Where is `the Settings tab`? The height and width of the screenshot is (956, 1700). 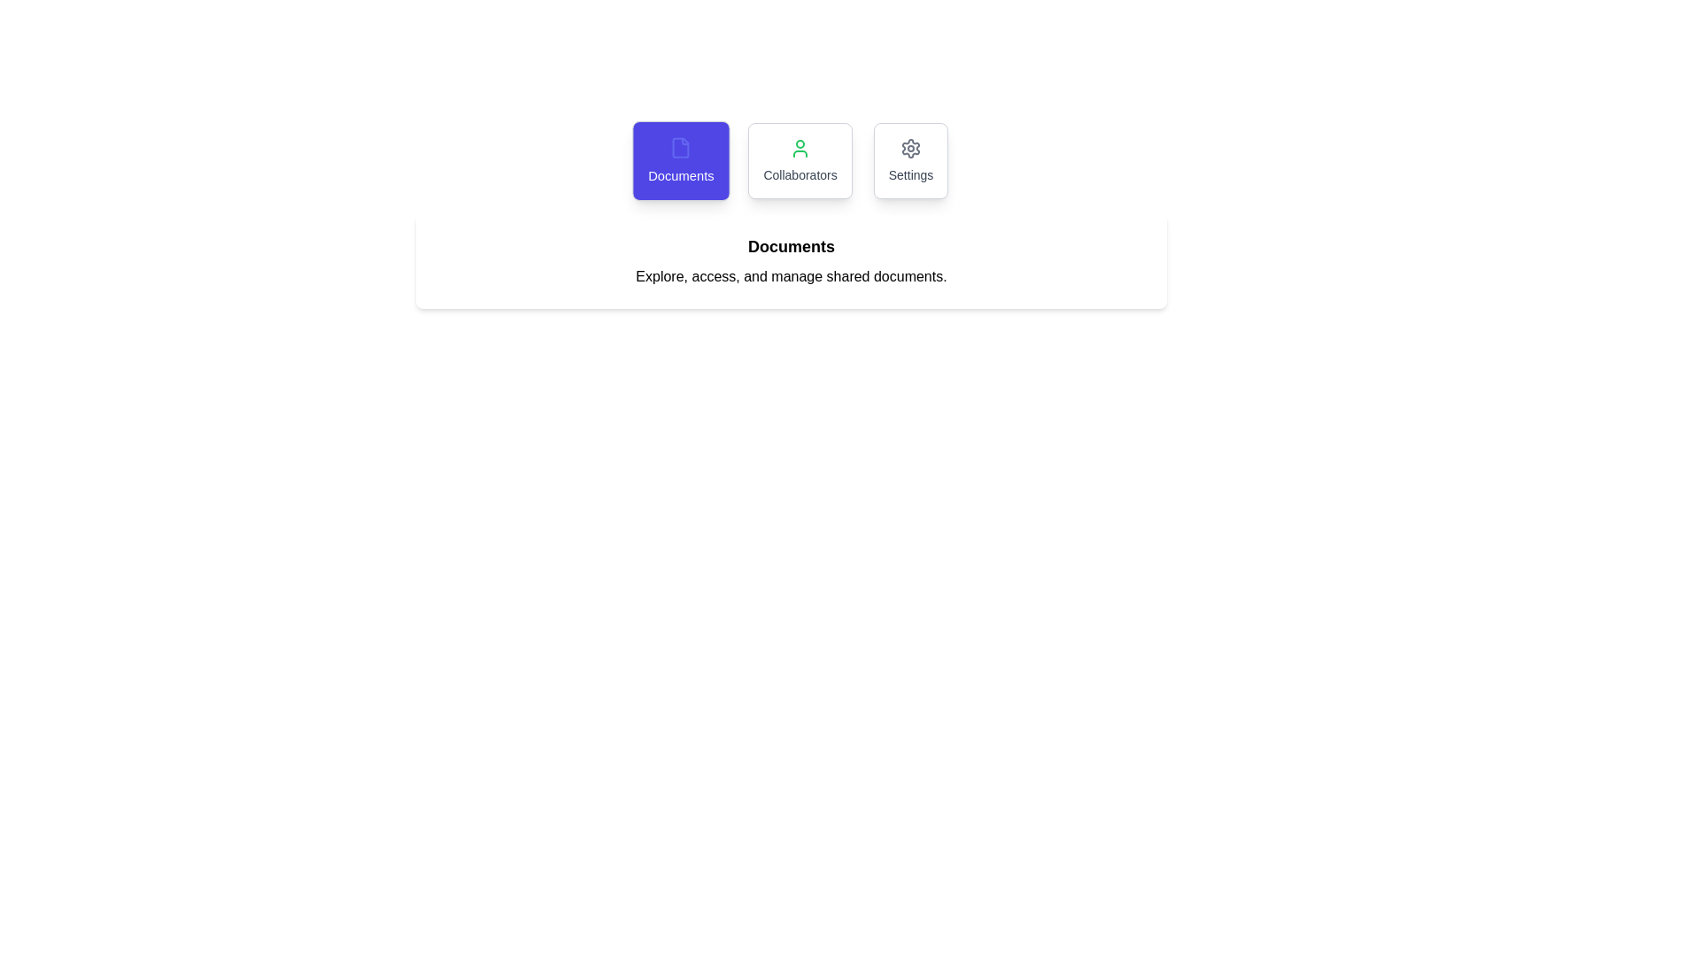
the Settings tab is located at coordinates (911, 160).